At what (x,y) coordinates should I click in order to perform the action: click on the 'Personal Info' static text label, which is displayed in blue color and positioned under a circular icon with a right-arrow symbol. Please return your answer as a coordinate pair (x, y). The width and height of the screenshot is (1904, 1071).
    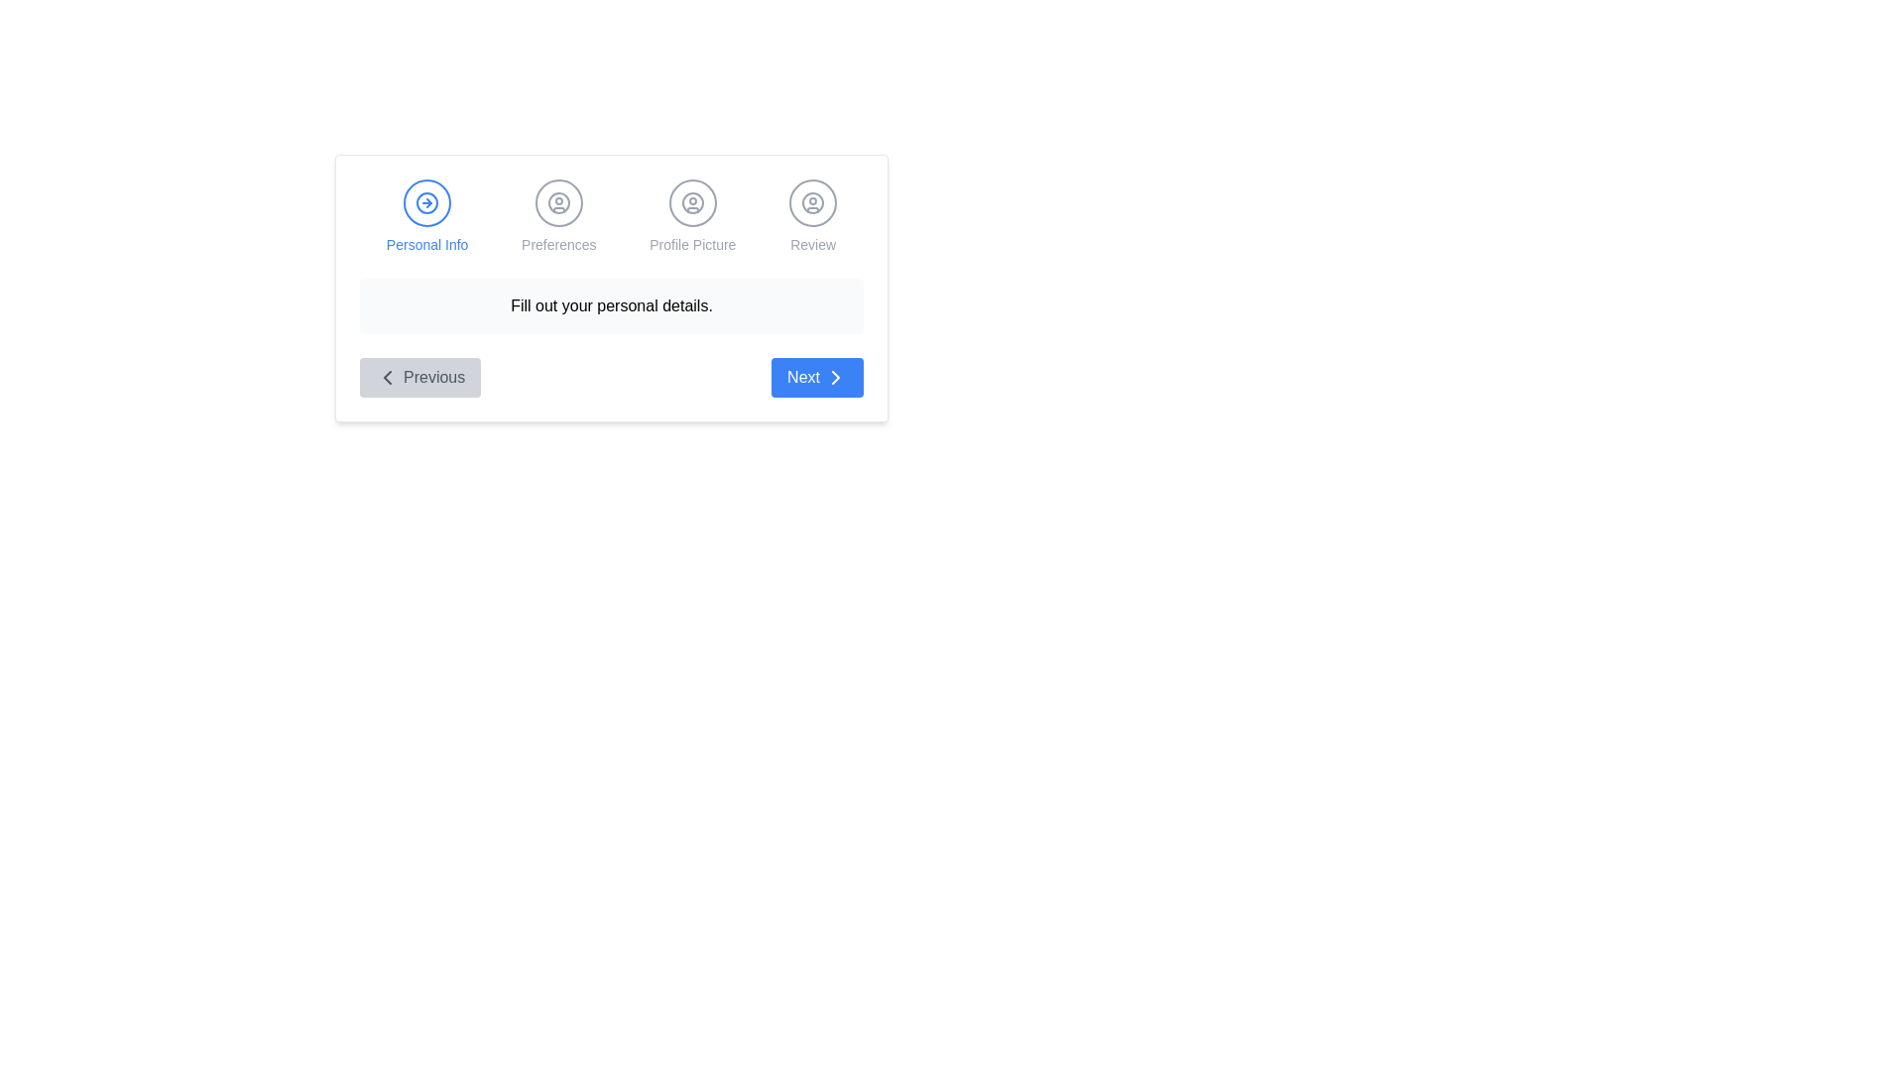
    Looking at the image, I should click on (426, 243).